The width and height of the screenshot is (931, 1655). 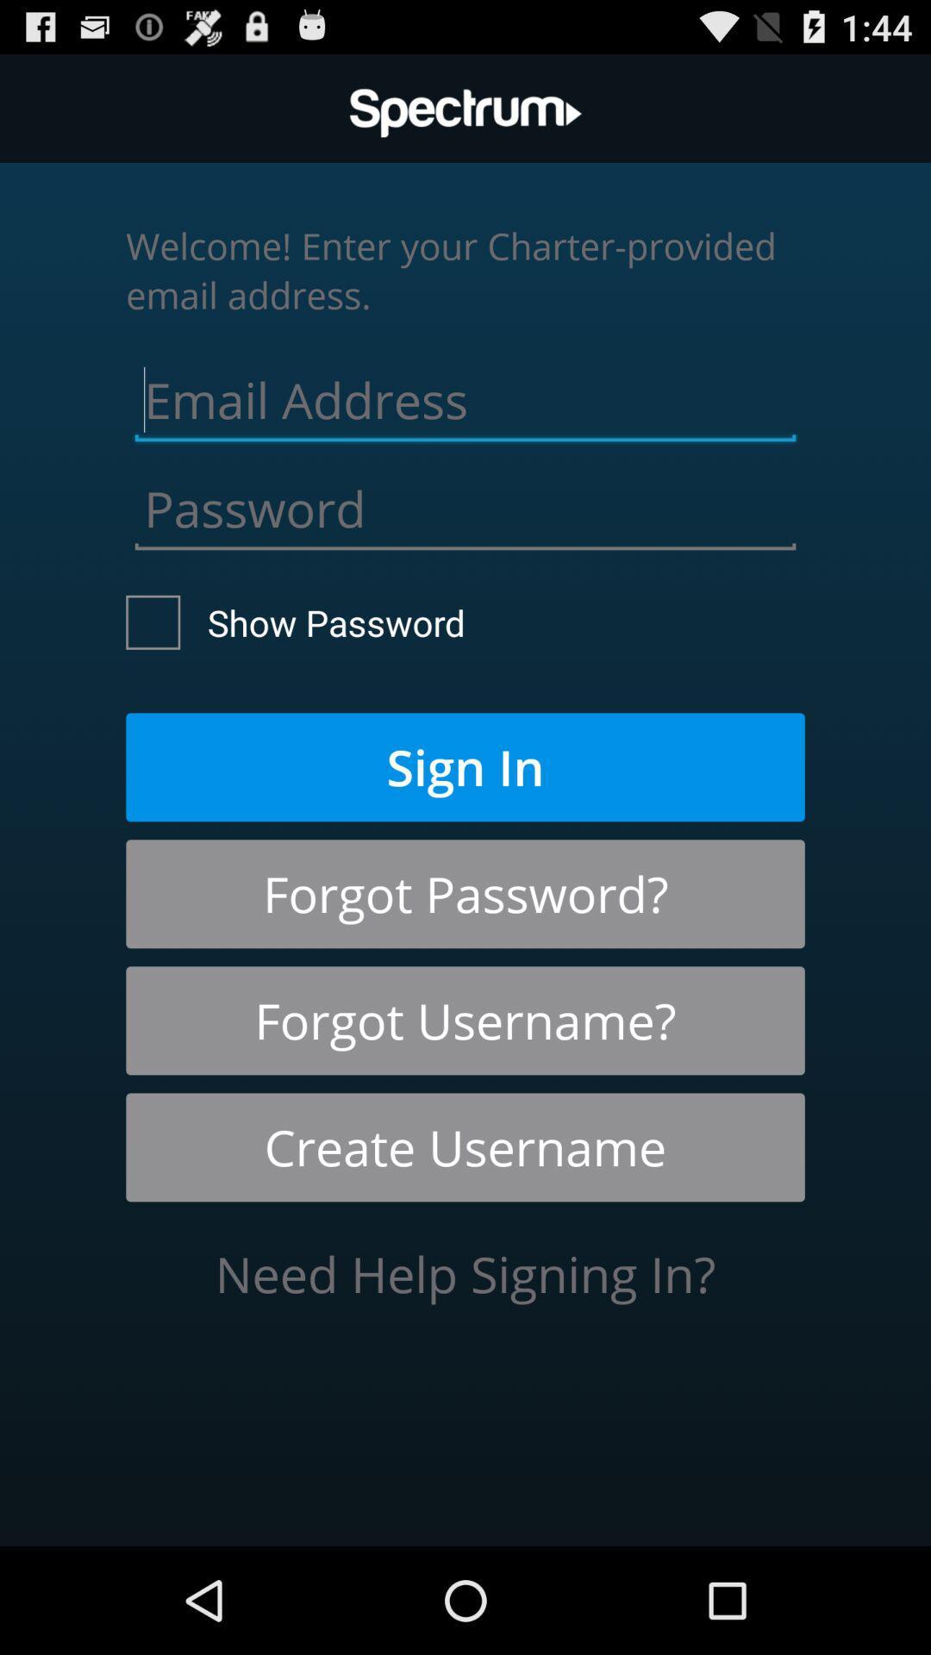 What do you see at coordinates (465, 1147) in the screenshot?
I see `the item above the need help signing` at bounding box center [465, 1147].